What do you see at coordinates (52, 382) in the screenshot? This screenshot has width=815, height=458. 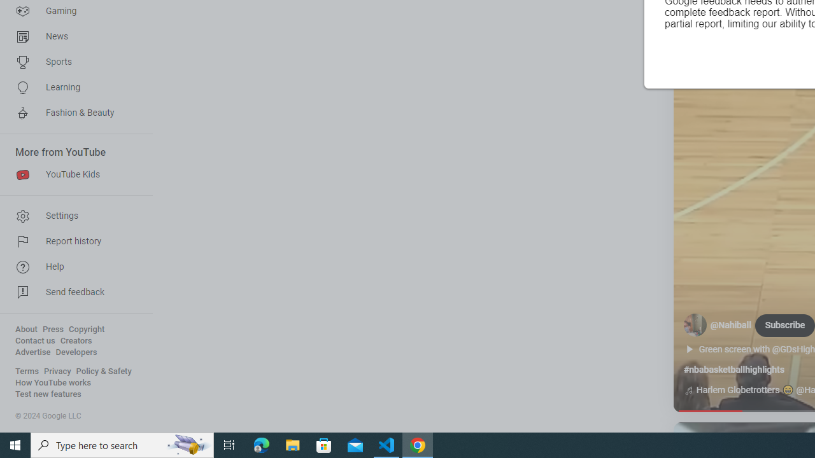 I see `'How YouTube works'` at bounding box center [52, 382].